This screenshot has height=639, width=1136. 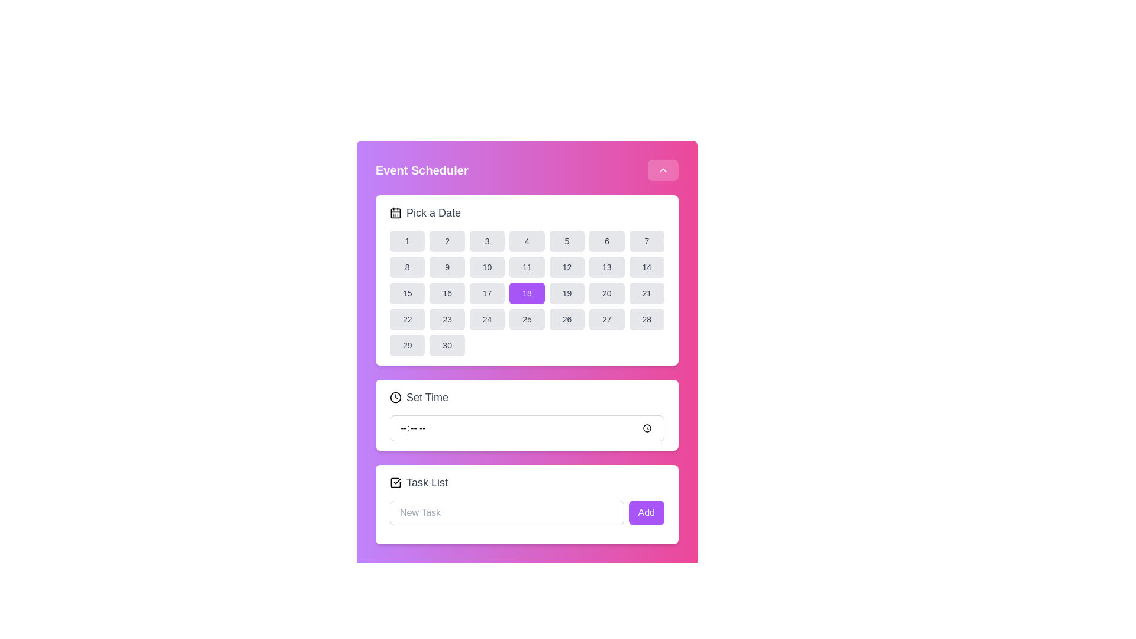 I want to click on the label indicating the task-related functionality located above the 'New Task' input field and adjacent to the 'Add' button, so click(x=427, y=483).